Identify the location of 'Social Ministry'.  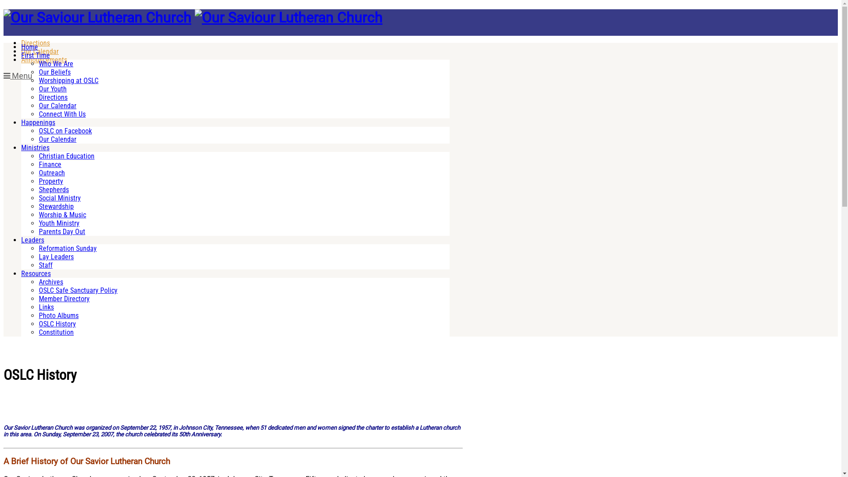
(59, 197).